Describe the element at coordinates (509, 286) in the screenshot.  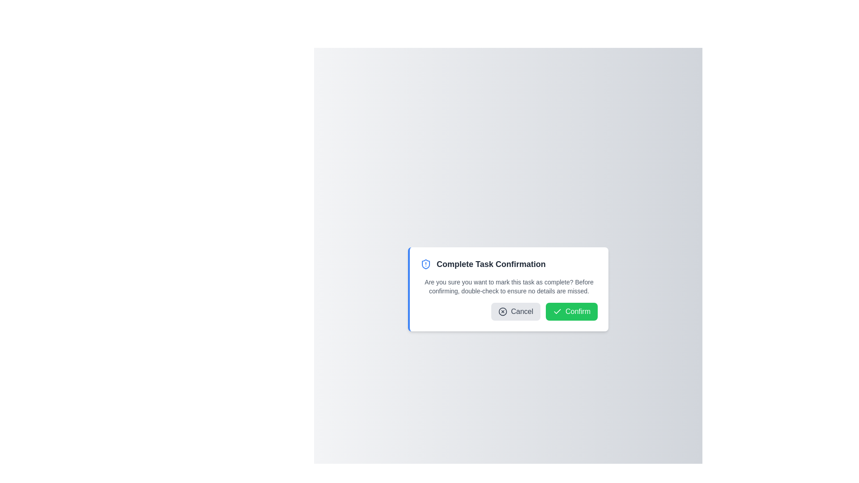
I see `the static confirmation message text located in the modal dialog, which is styled in a small, gray font and positioned below the header 'Complete Task Confirmation'` at that location.